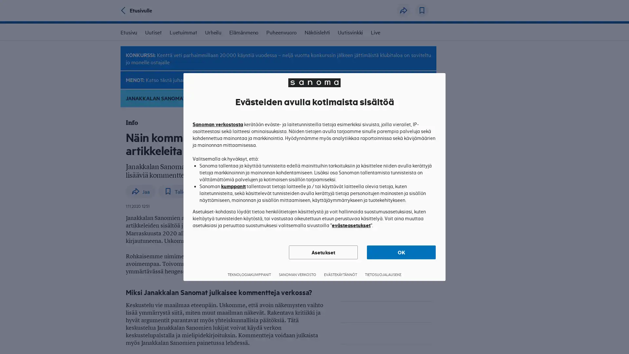 Image resolution: width=629 pixels, height=354 pixels. I want to click on Jaa, so click(403, 10).